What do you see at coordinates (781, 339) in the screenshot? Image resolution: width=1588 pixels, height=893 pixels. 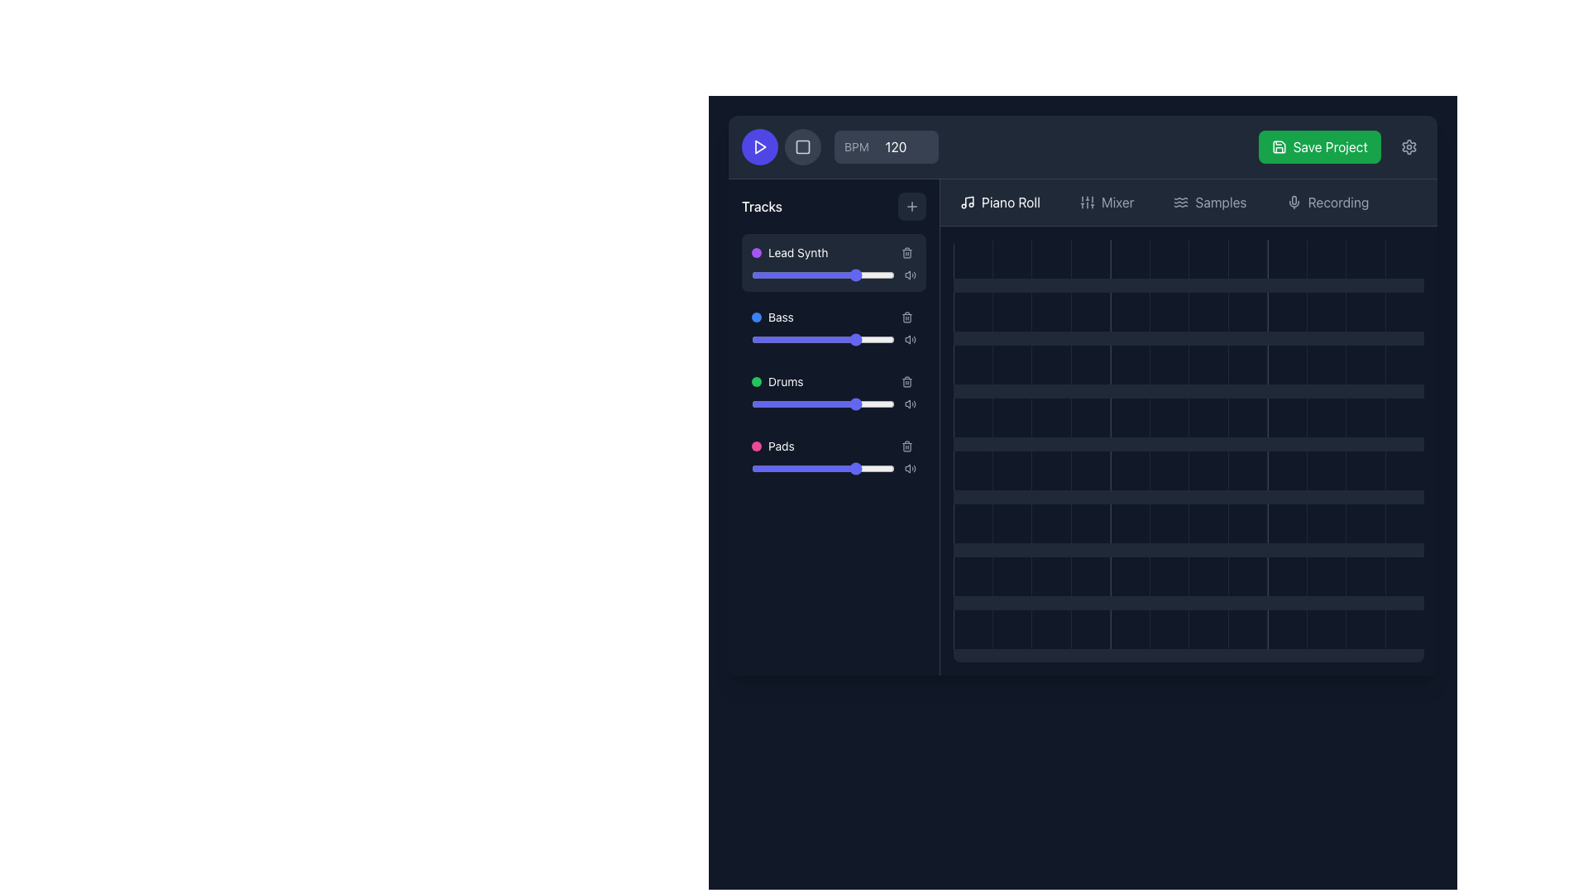 I see `the slider` at bounding box center [781, 339].